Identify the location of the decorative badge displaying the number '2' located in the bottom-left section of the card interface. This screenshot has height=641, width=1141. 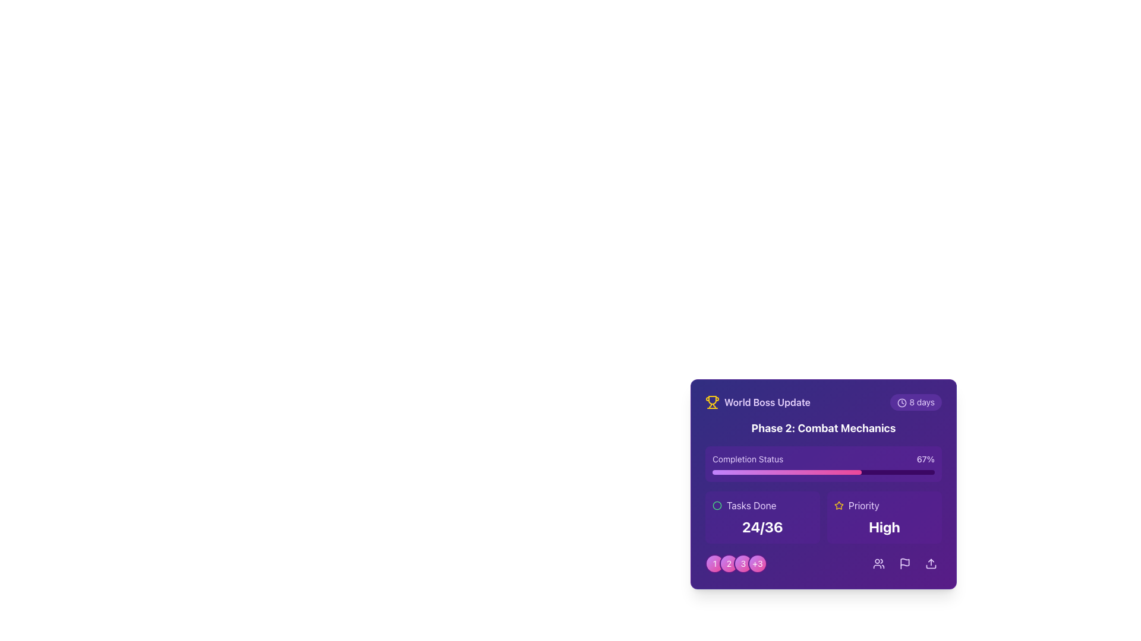
(729, 563).